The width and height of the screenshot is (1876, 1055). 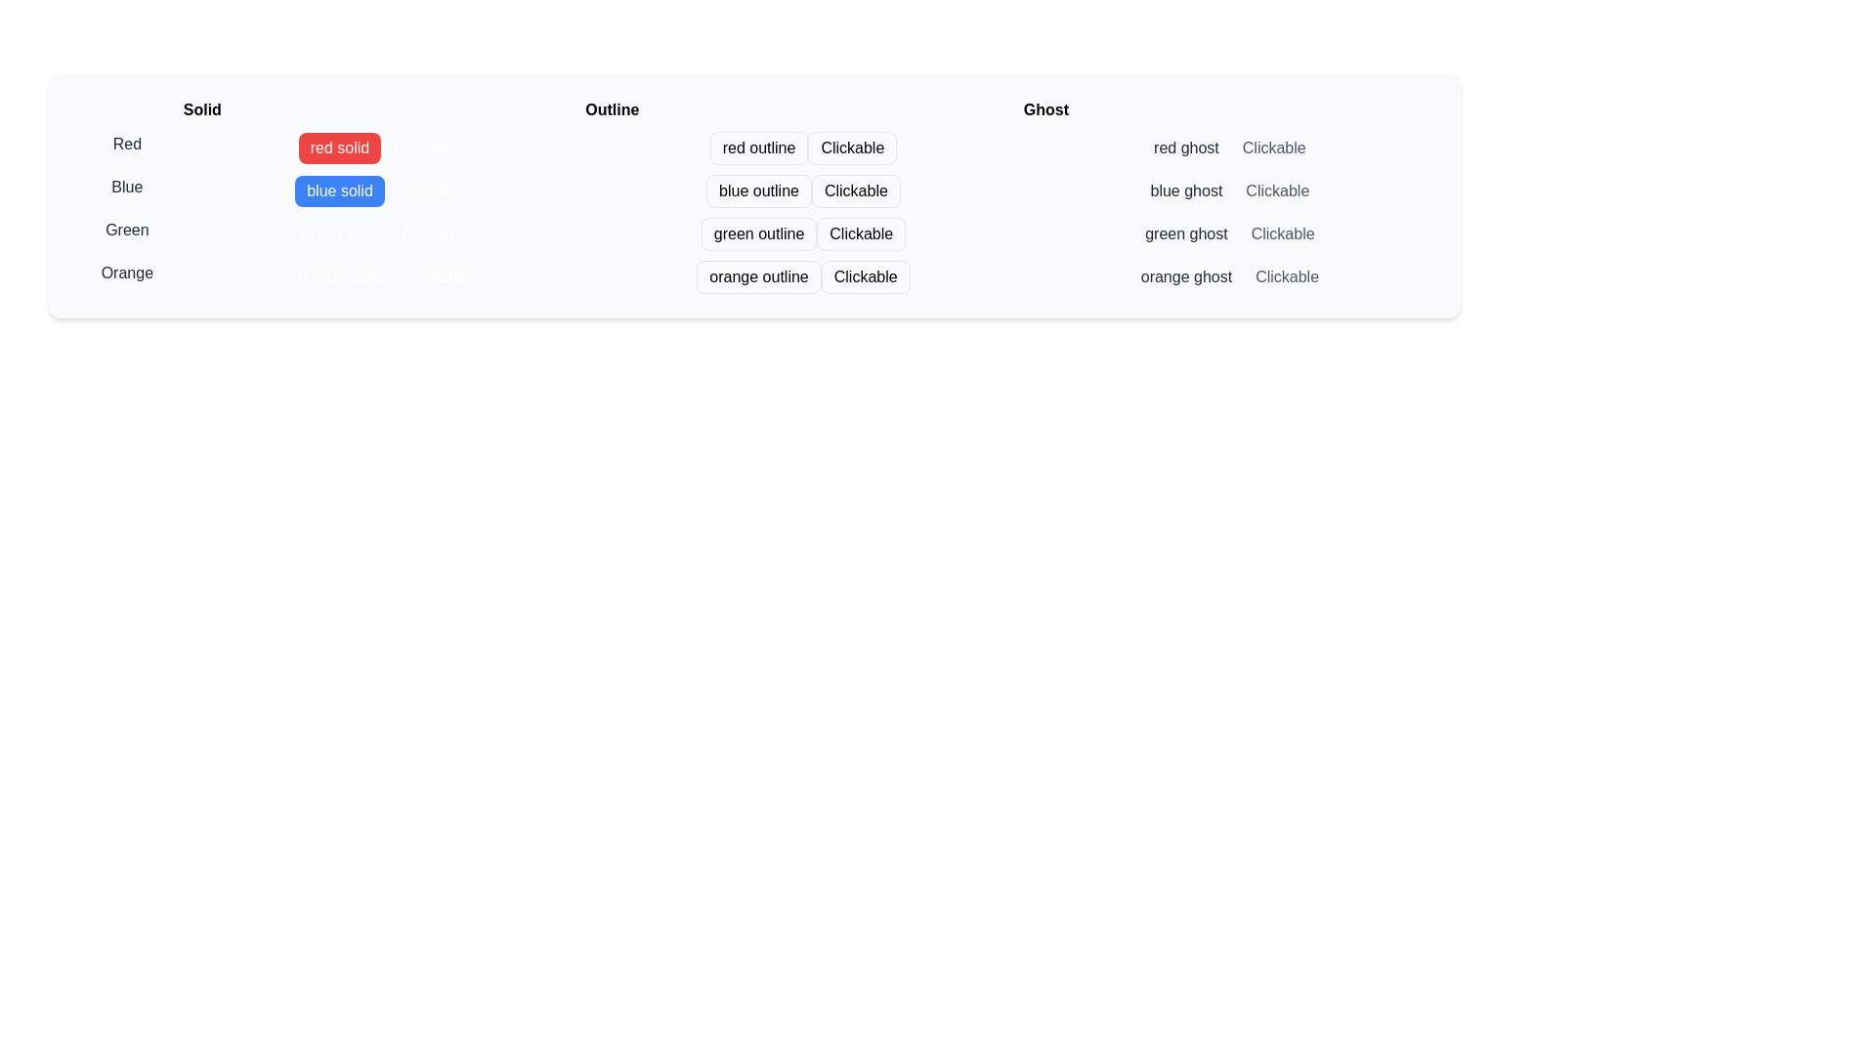 I want to click on style of the labeled UI element that consists of two text blocks: 'orange outline' styled with an orange border and text, and 'Clickable' with a transparent orange border, located in the 'Outline' column, row labeled 'Orange', so click(x=803, y=274).